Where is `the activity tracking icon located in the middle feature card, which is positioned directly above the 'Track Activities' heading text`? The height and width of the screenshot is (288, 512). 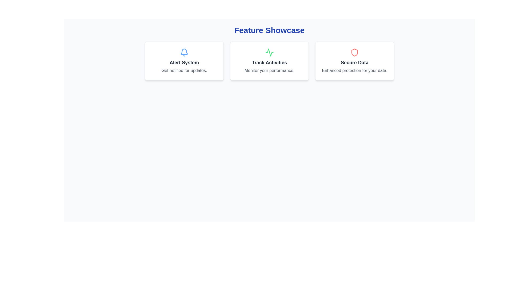
the activity tracking icon located in the middle feature card, which is positioned directly above the 'Track Activities' heading text is located at coordinates (269, 52).